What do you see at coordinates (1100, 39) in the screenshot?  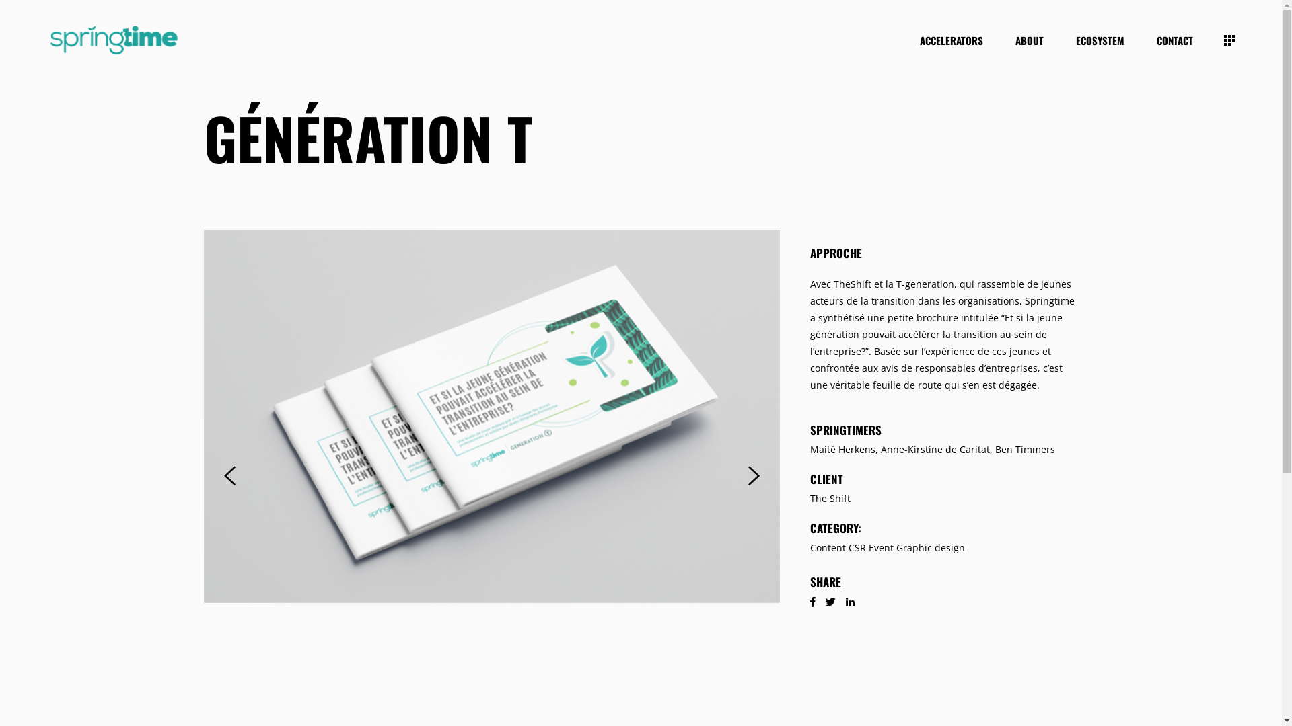 I see `'ECOSYSTEM'` at bounding box center [1100, 39].